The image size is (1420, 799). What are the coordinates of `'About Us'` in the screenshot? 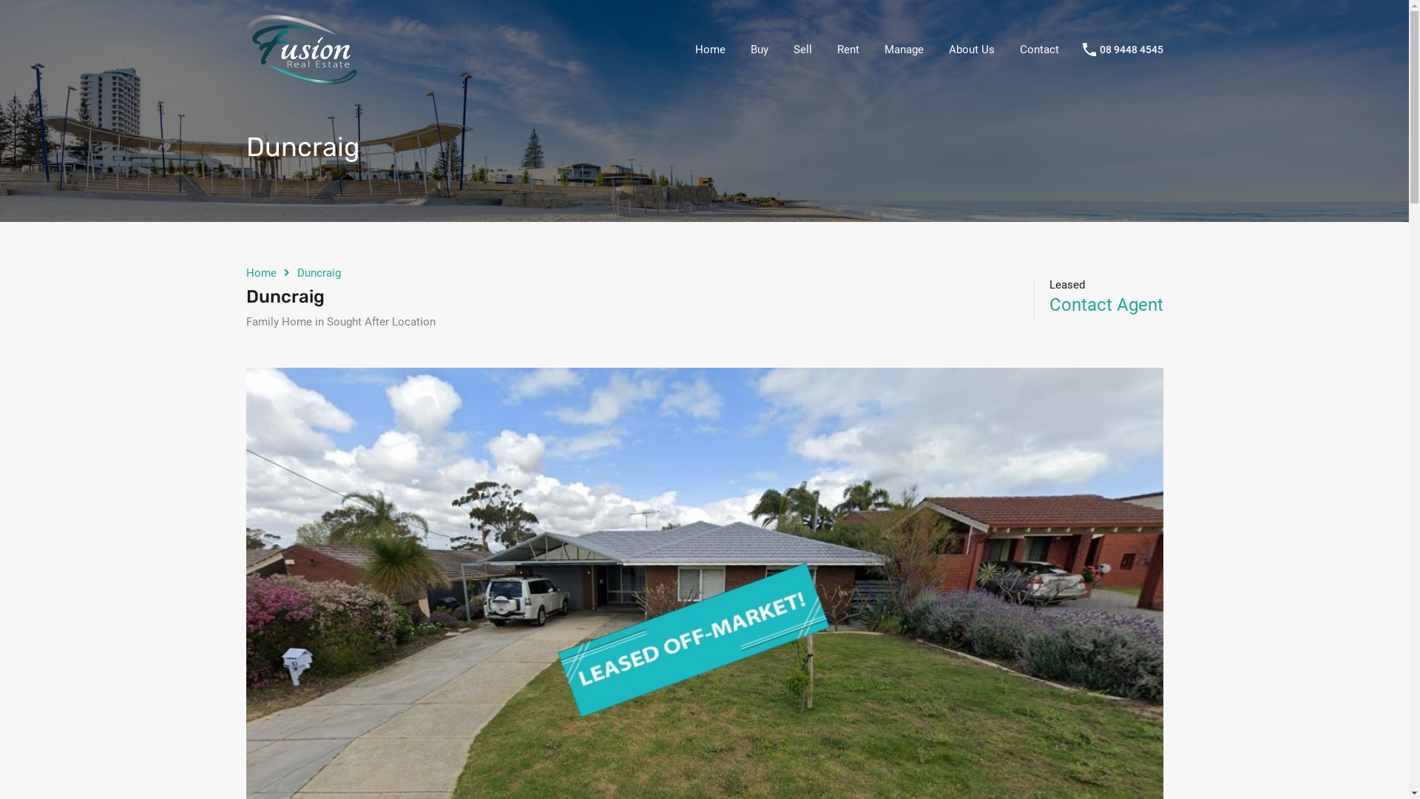 It's located at (936, 48).